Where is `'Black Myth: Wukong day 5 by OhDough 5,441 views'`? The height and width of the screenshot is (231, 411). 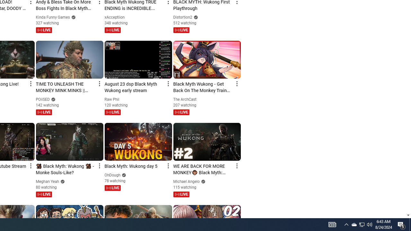 'Black Myth: Wukong day 5 by OhDough 5,441 views' is located at coordinates (134, 166).